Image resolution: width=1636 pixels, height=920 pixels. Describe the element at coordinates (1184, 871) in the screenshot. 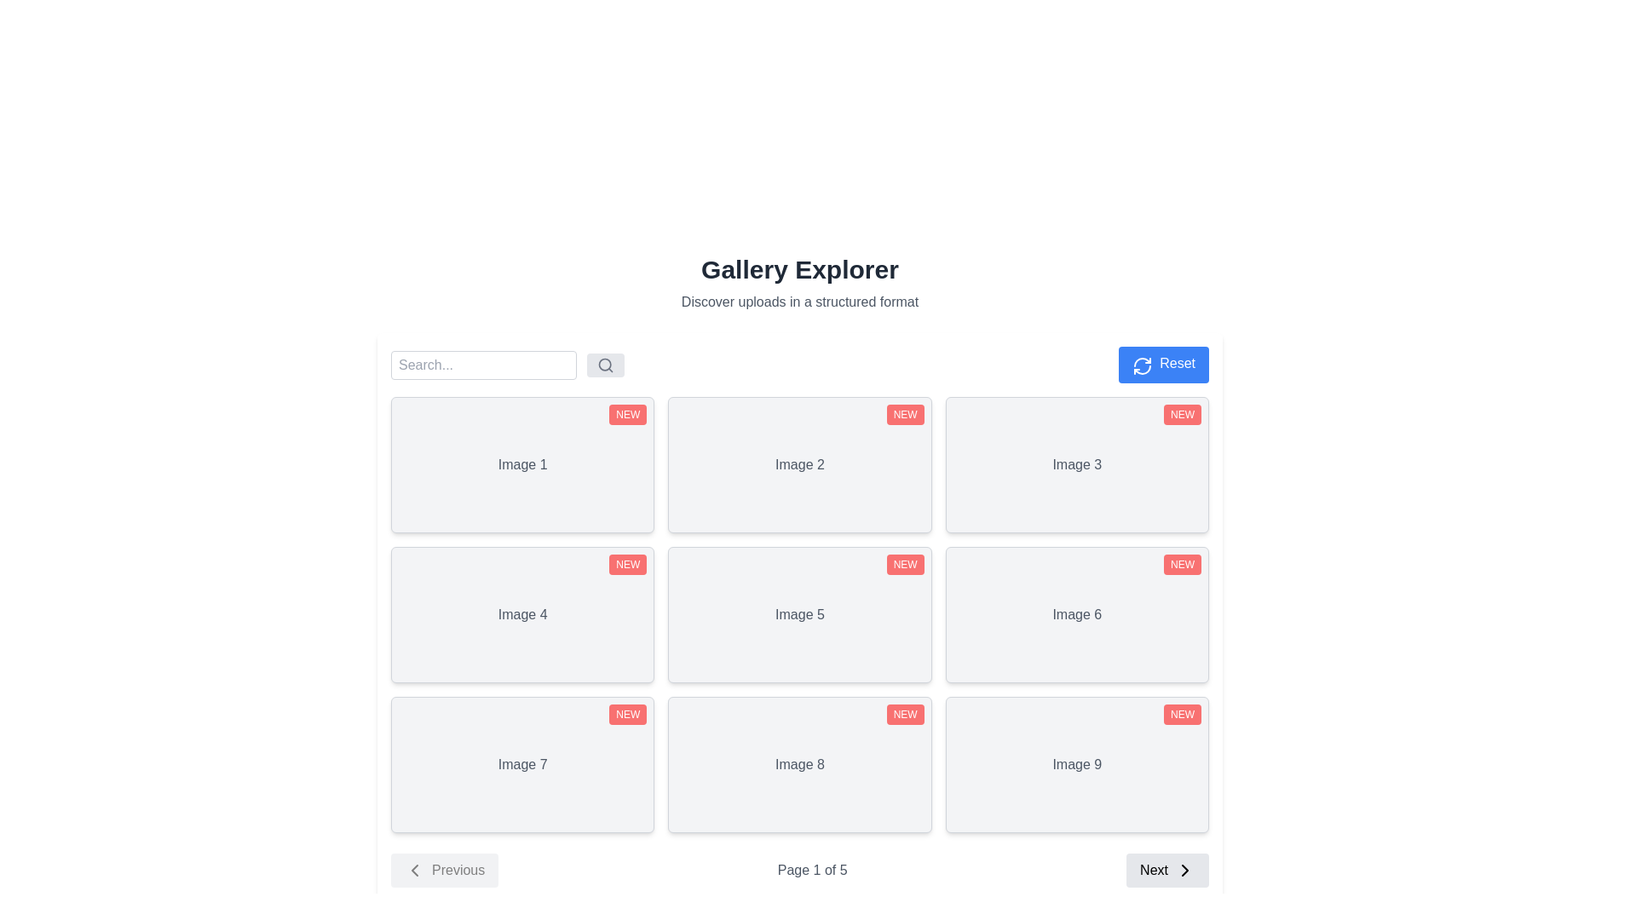

I see `the rightward-pointing chevron icon located at the right edge of the 'Next' button` at that location.